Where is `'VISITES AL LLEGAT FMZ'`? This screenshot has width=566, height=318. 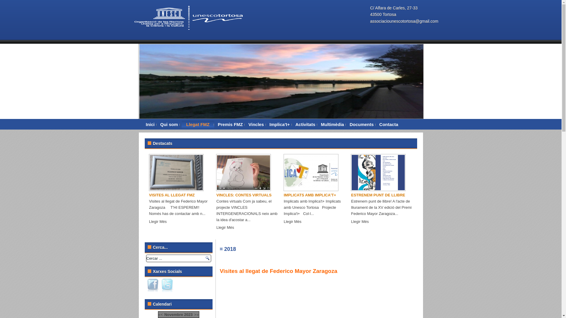
'VISITES AL LLEGAT FMZ' is located at coordinates (172, 195).